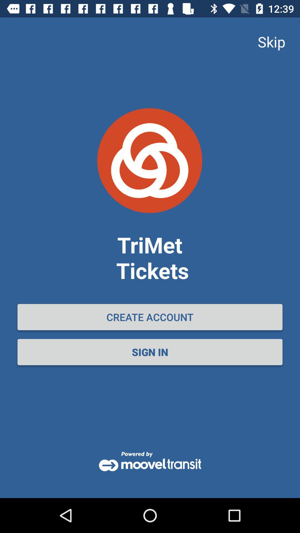  I want to click on item at the top right corner, so click(271, 41).